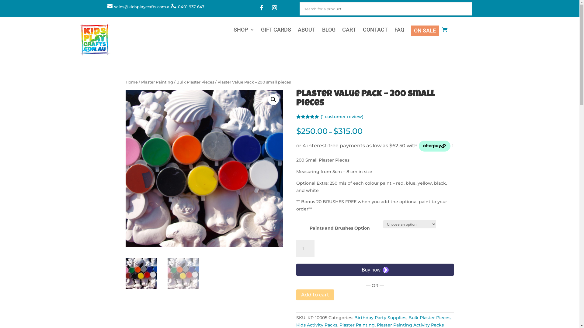  I want to click on 'CART', so click(349, 32).